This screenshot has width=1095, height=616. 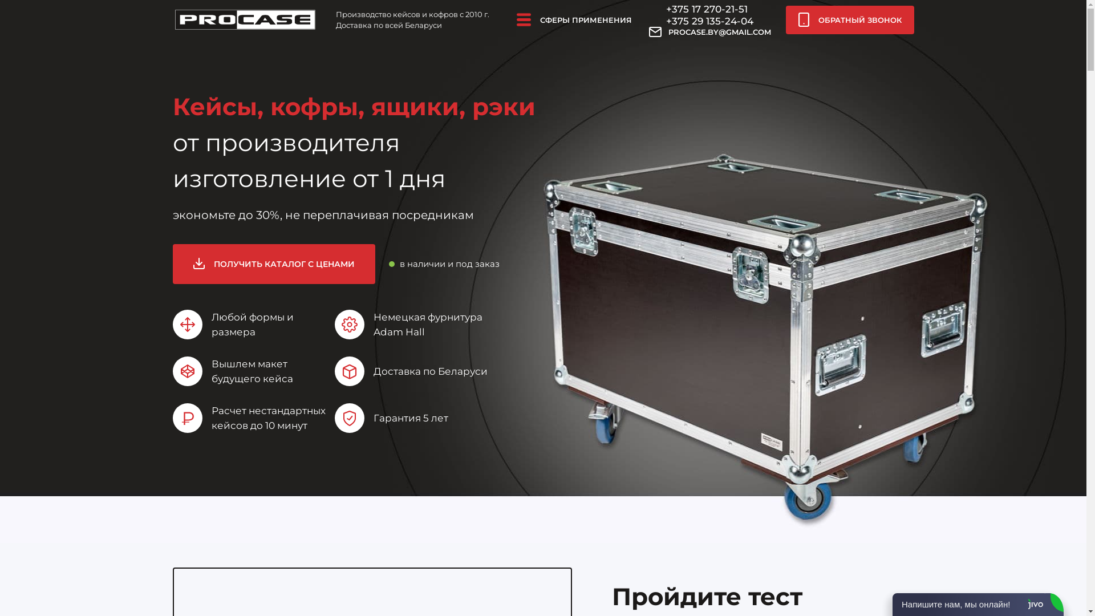 What do you see at coordinates (709, 21) in the screenshot?
I see `'+375 29 135-24-04'` at bounding box center [709, 21].